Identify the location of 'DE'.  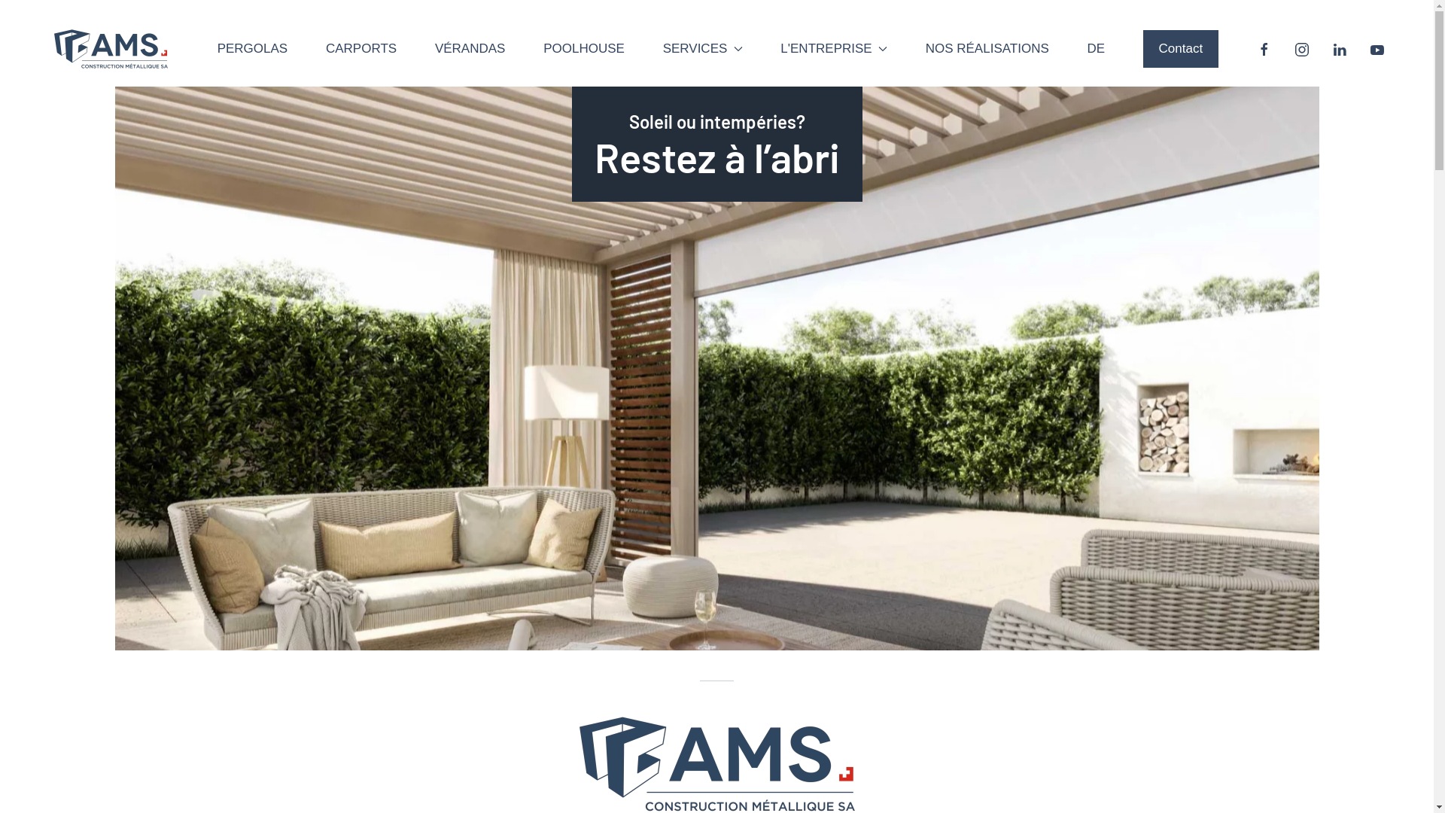
(1097, 48).